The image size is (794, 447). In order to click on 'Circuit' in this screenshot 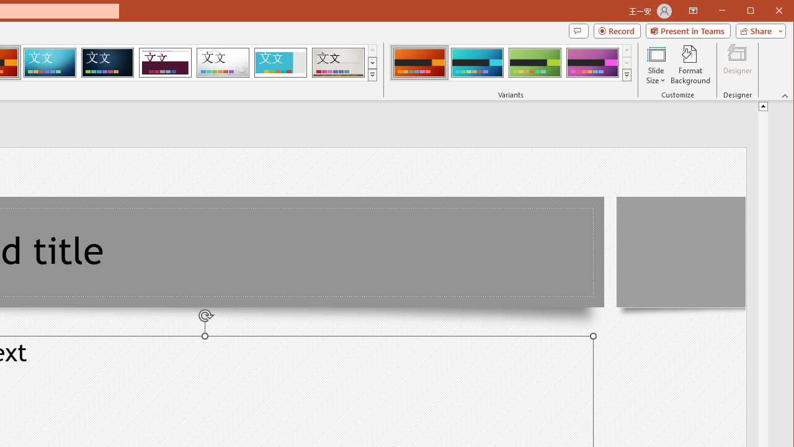, I will do `click(50, 62)`.